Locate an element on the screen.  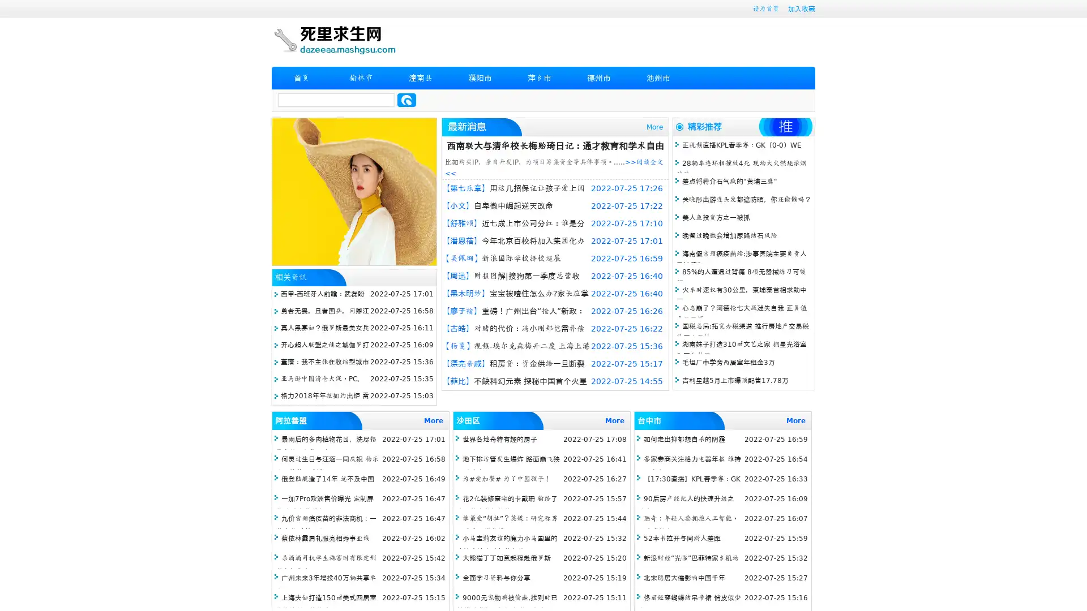
Search is located at coordinates (406, 100).